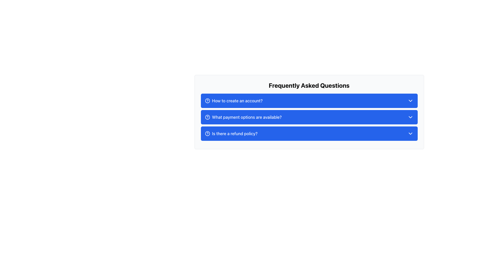 This screenshot has height=277, width=492. Describe the element at coordinates (231, 133) in the screenshot. I see `the Interactive FAQ label that asks 'Is there a refund policy?'` at that location.